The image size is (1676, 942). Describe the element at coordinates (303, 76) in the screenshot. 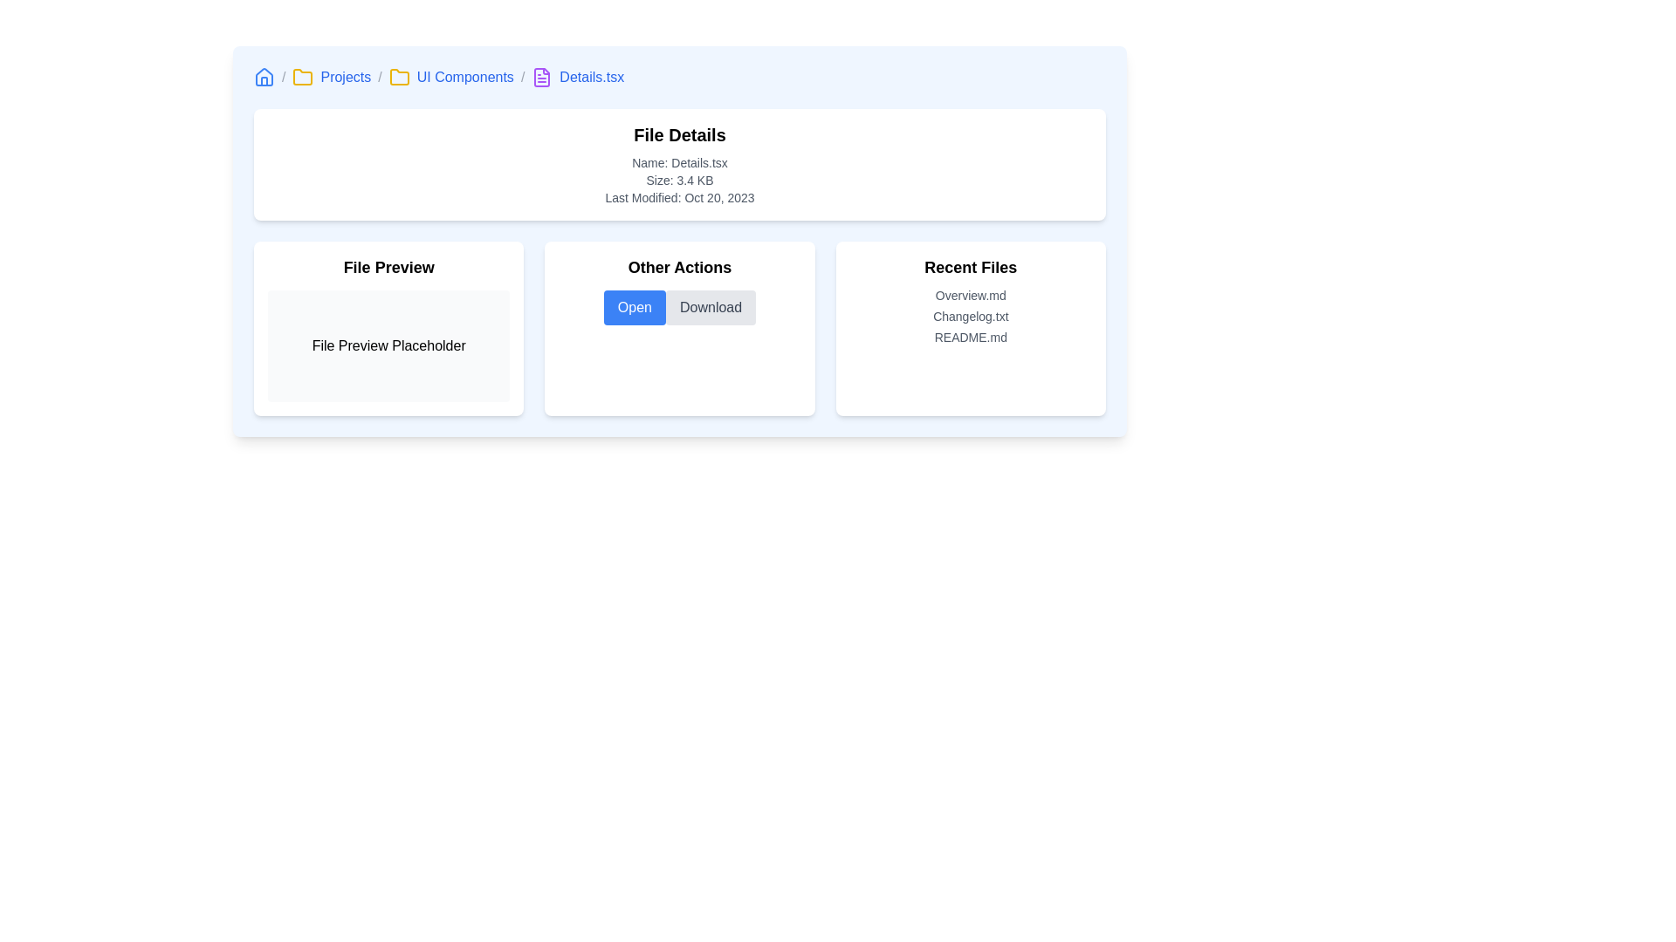

I see `the small yellow folder icon located in the breadcrumb navigation bar` at that location.